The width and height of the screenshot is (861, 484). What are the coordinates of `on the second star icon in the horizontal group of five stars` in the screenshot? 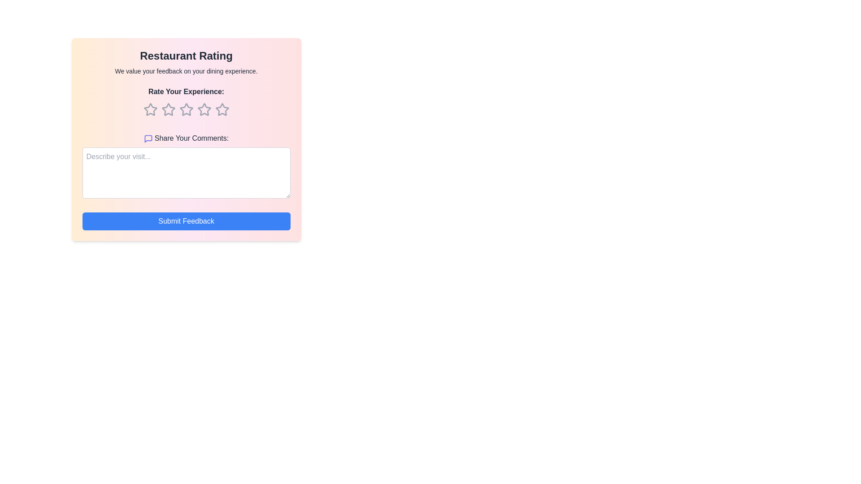 It's located at (168, 108).